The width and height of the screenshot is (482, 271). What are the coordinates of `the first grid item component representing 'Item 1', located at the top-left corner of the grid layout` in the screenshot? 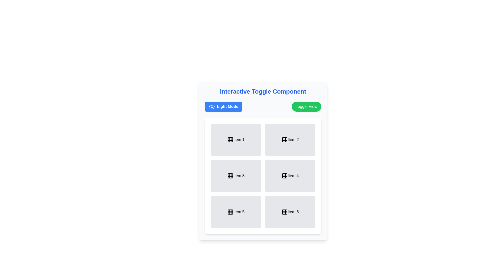 It's located at (236, 140).